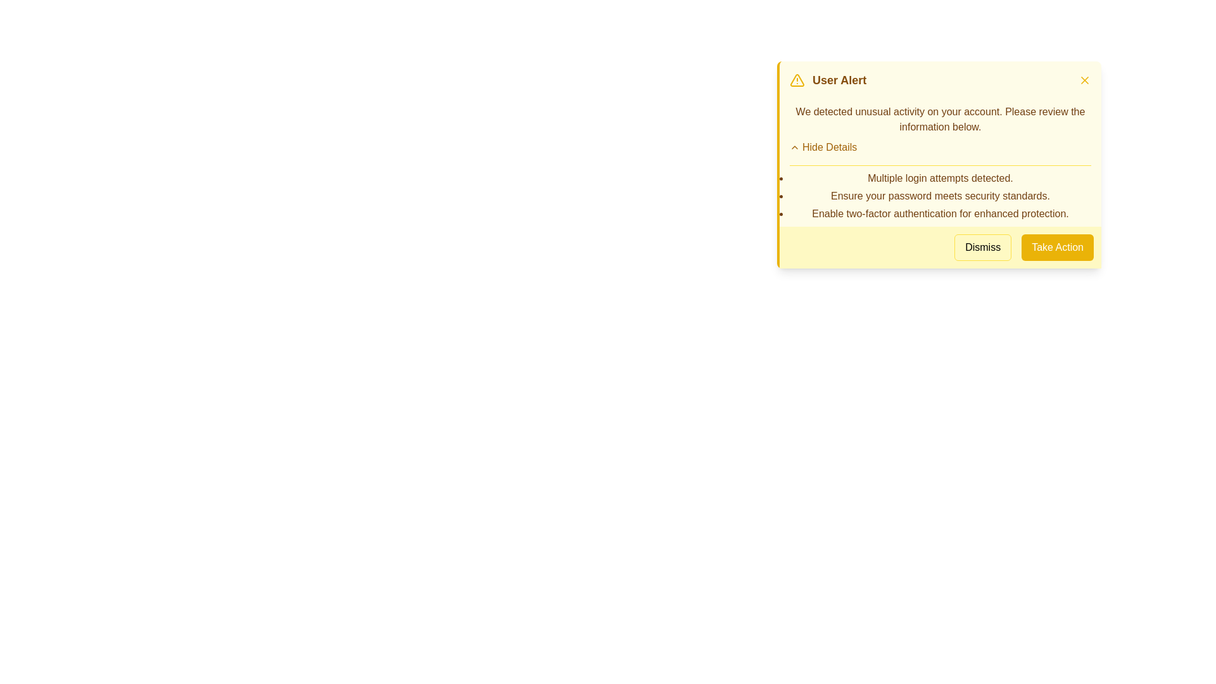  Describe the element at coordinates (796, 80) in the screenshot. I see `the triangular warning icon, which is yellow and located at the top-left corner of the alert dialog, preceding the heading text 'User Alert'` at that location.